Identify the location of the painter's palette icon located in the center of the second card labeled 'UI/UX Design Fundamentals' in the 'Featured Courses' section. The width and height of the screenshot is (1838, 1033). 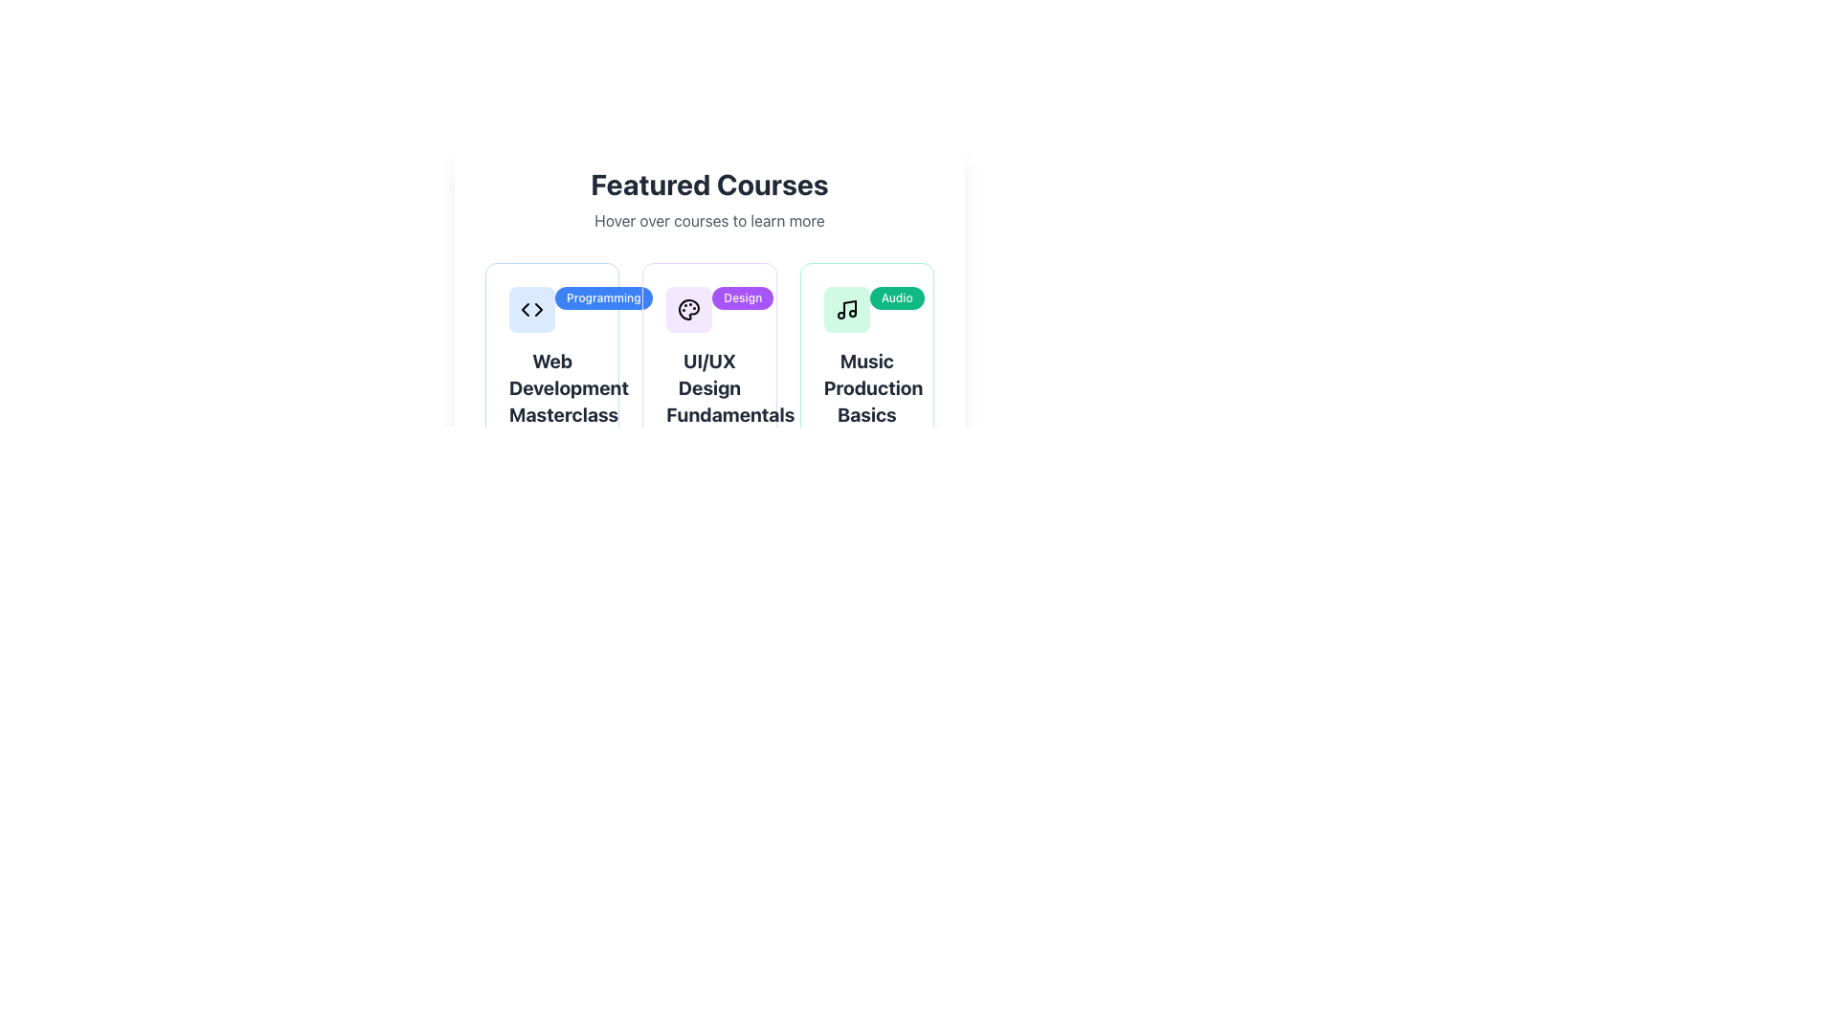
(689, 309).